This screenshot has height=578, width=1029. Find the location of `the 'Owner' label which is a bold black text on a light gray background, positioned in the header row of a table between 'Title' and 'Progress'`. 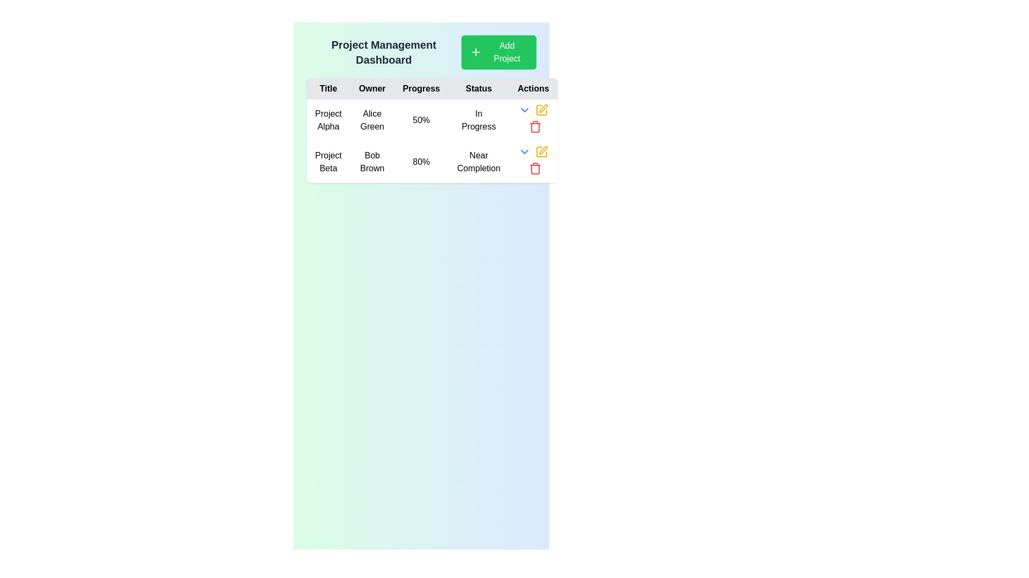

the 'Owner' label which is a bold black text on a light gray background, positioned in the header row of a table between 'Title' and 'Progress' is located at coordinates (372, 88).